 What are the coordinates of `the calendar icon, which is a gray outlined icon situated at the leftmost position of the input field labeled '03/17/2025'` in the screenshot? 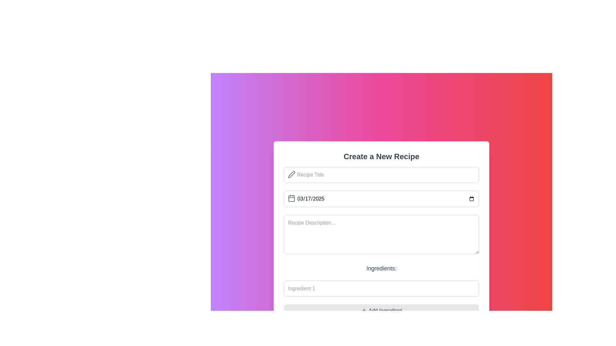 It's located at (291, 198).